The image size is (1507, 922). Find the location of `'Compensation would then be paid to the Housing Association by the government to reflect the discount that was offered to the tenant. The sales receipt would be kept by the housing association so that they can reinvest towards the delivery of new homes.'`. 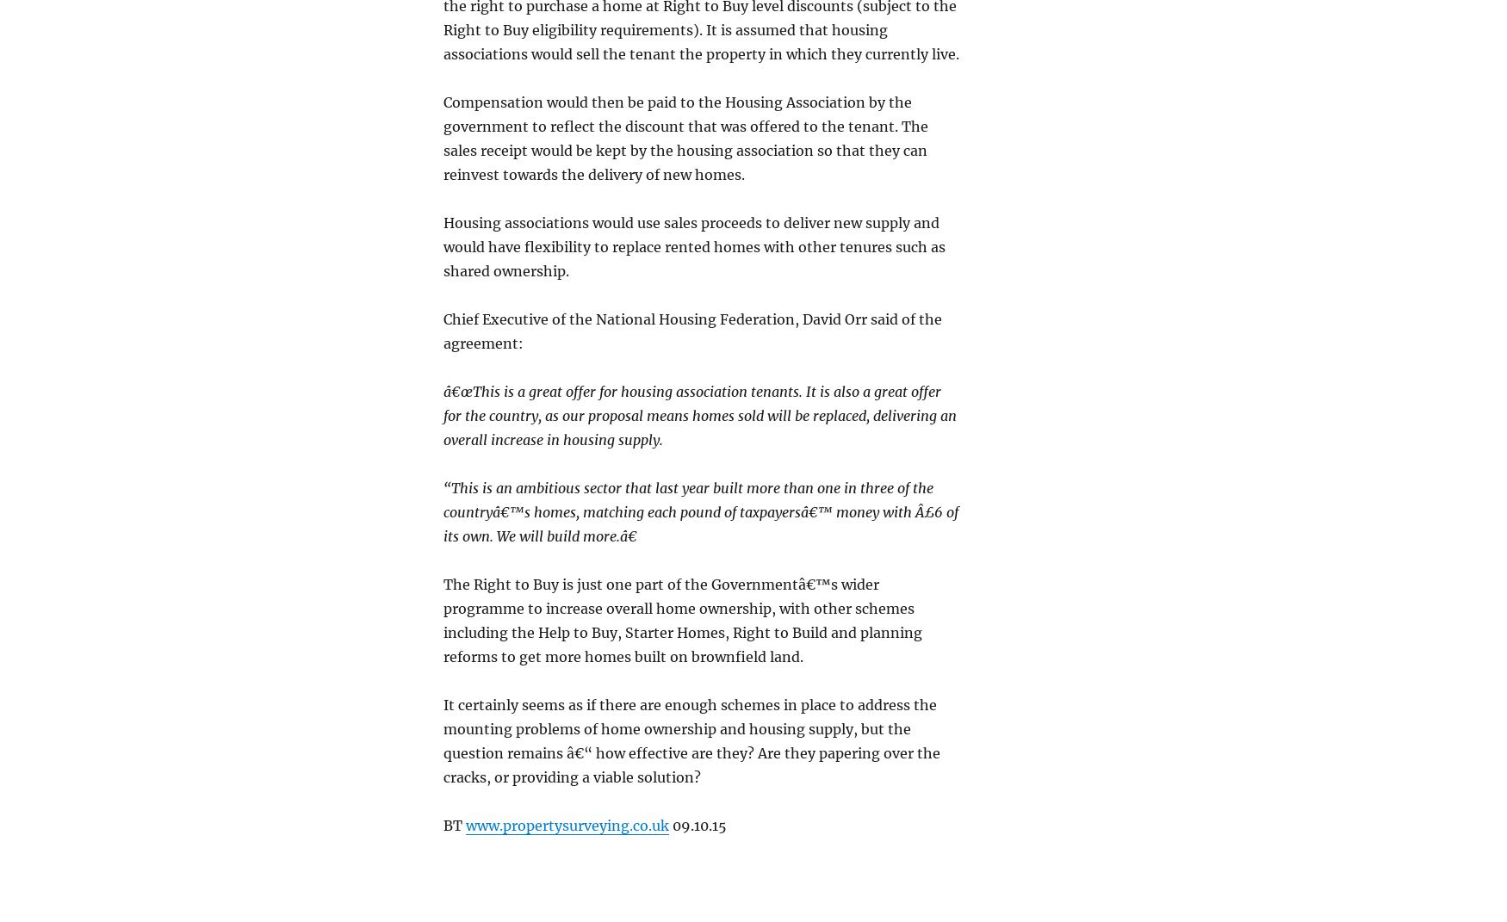

'Compensation would then be paid to the Housing Association by the government to reflect the discount that was offered to the tenant. The sales receipt would be kept by the housing association so that they can reinvest towards the delivery of new homes.' is located at coordinates (685, 137).